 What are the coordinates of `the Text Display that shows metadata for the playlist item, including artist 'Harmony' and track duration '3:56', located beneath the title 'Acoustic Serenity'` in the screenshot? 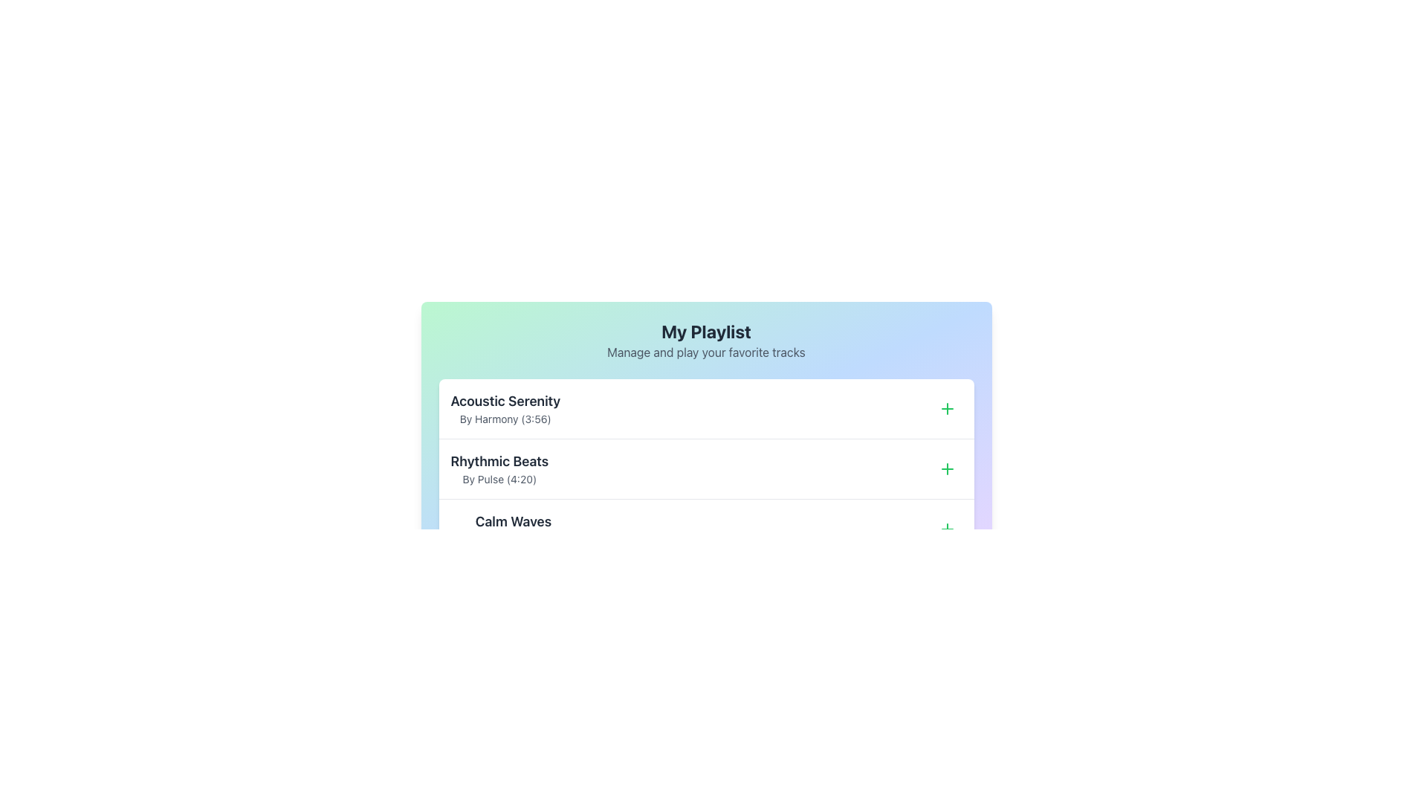 It's located at (505, 419).